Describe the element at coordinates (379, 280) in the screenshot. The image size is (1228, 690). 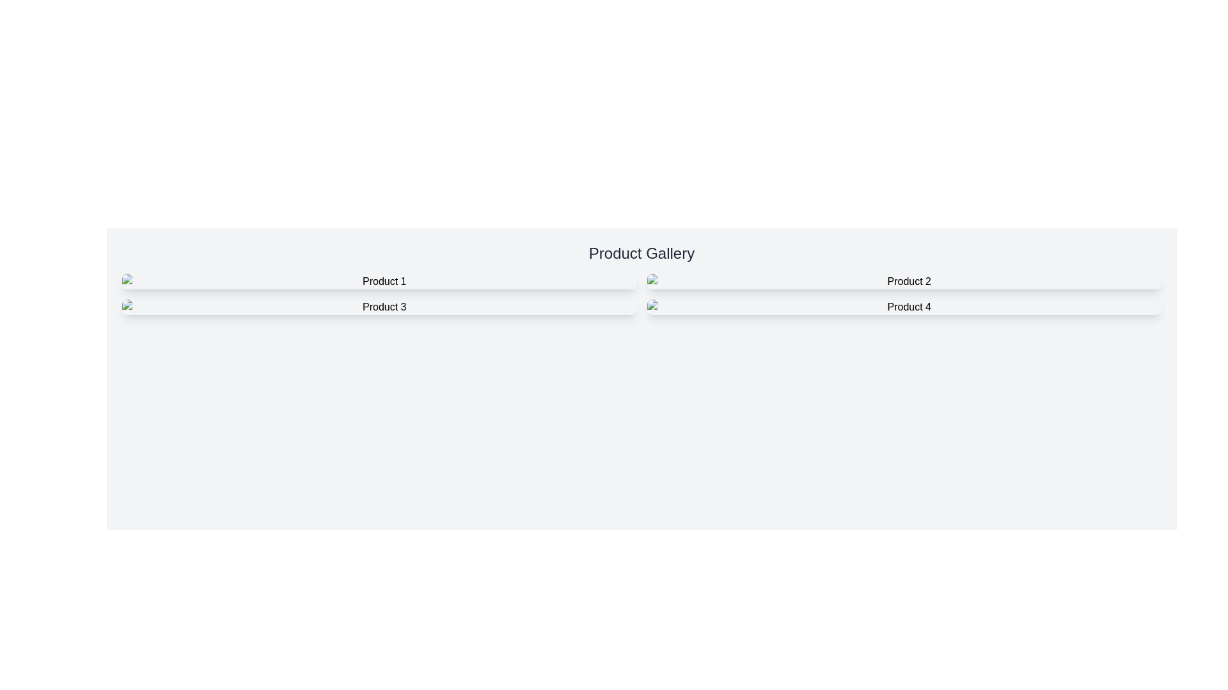
I see `the first selectable product card in the product gallery to view the product details` at that location.